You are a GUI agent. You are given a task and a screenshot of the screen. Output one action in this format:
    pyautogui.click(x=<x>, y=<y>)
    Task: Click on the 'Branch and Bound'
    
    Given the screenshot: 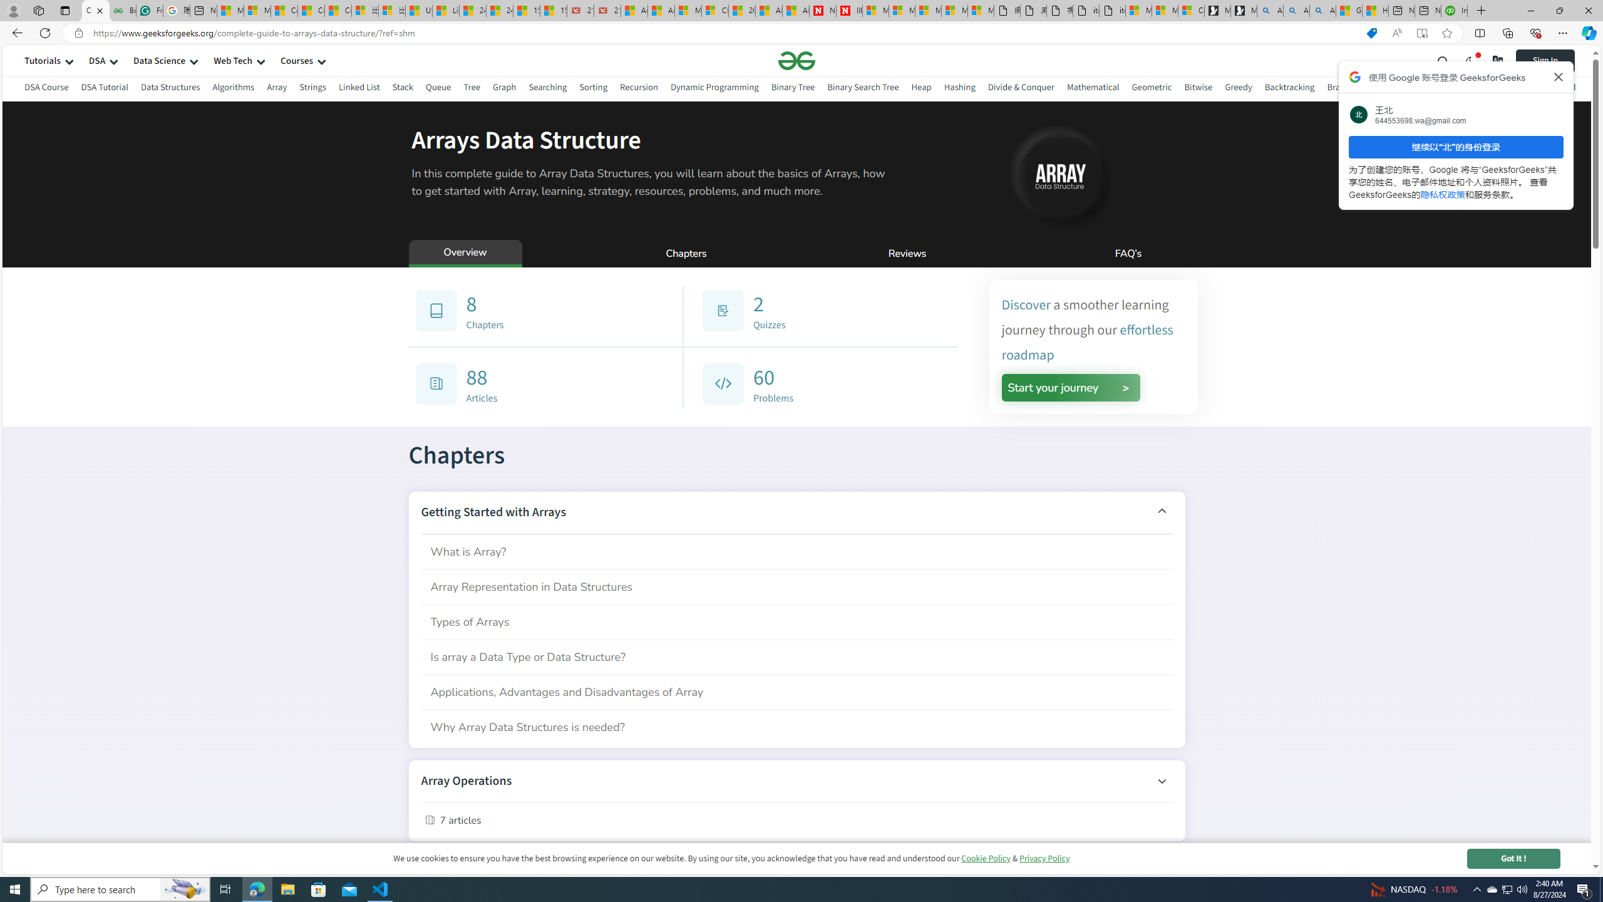 What is the action you would take?
    pyautogui.click(x=1363, y=86)
    